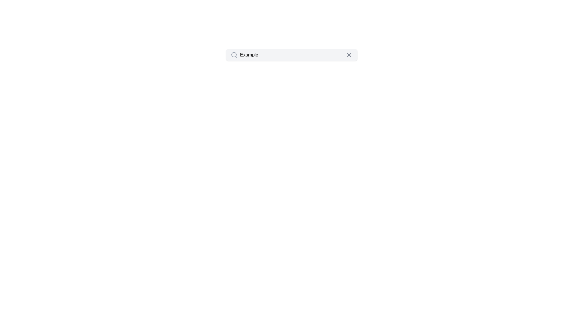 This screenshot has width=563, height=316. I want to click on the circular graphic icon that is part of the search icon frame, located at the center of the circular part of the search icon, so click(233, 54).